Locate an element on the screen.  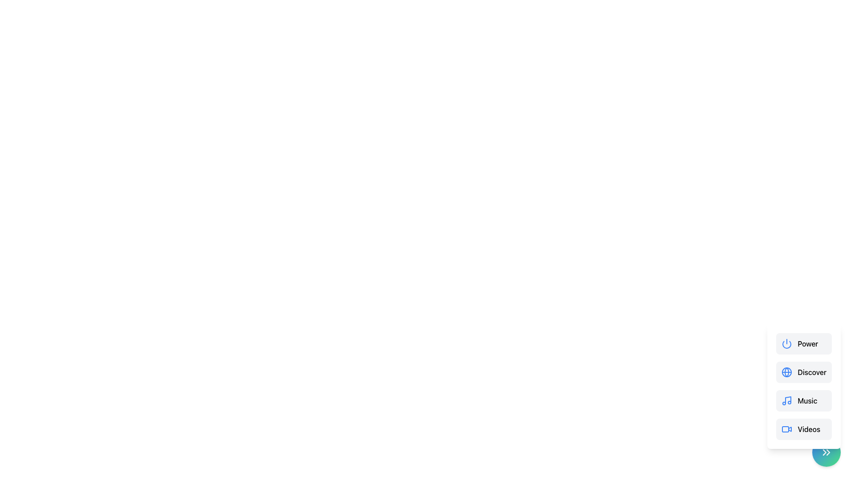
the right-facing double-chevron icon is located at coordinates (826, 452).